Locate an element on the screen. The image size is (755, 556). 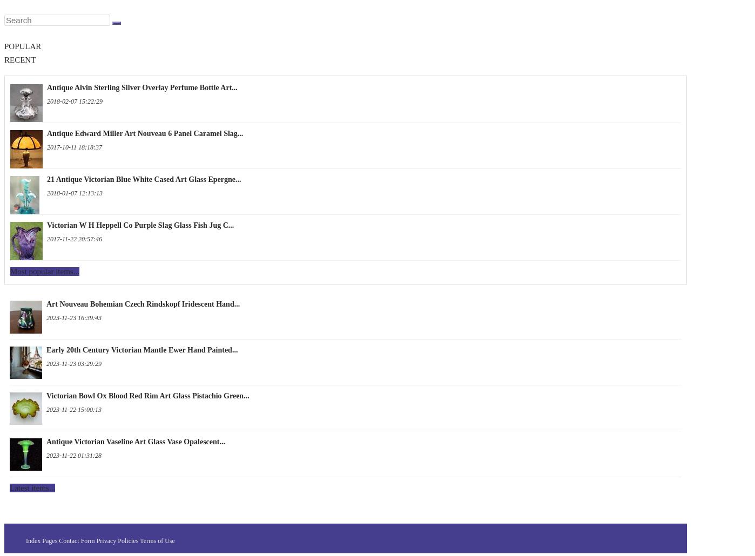
'Latest items...' is located at coordinates (32, 488).